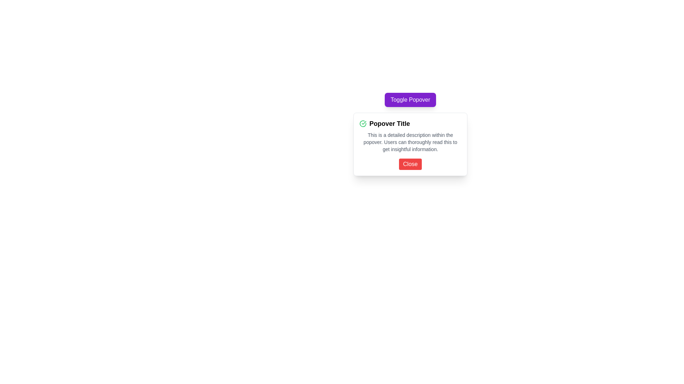  Describe the element at coordinates (410, 142) in the screenshot. I see `descriptive text styled in small, gray font located in the white popover box, positioned between the 'Popover Title' and the 'Close' button` at that location.